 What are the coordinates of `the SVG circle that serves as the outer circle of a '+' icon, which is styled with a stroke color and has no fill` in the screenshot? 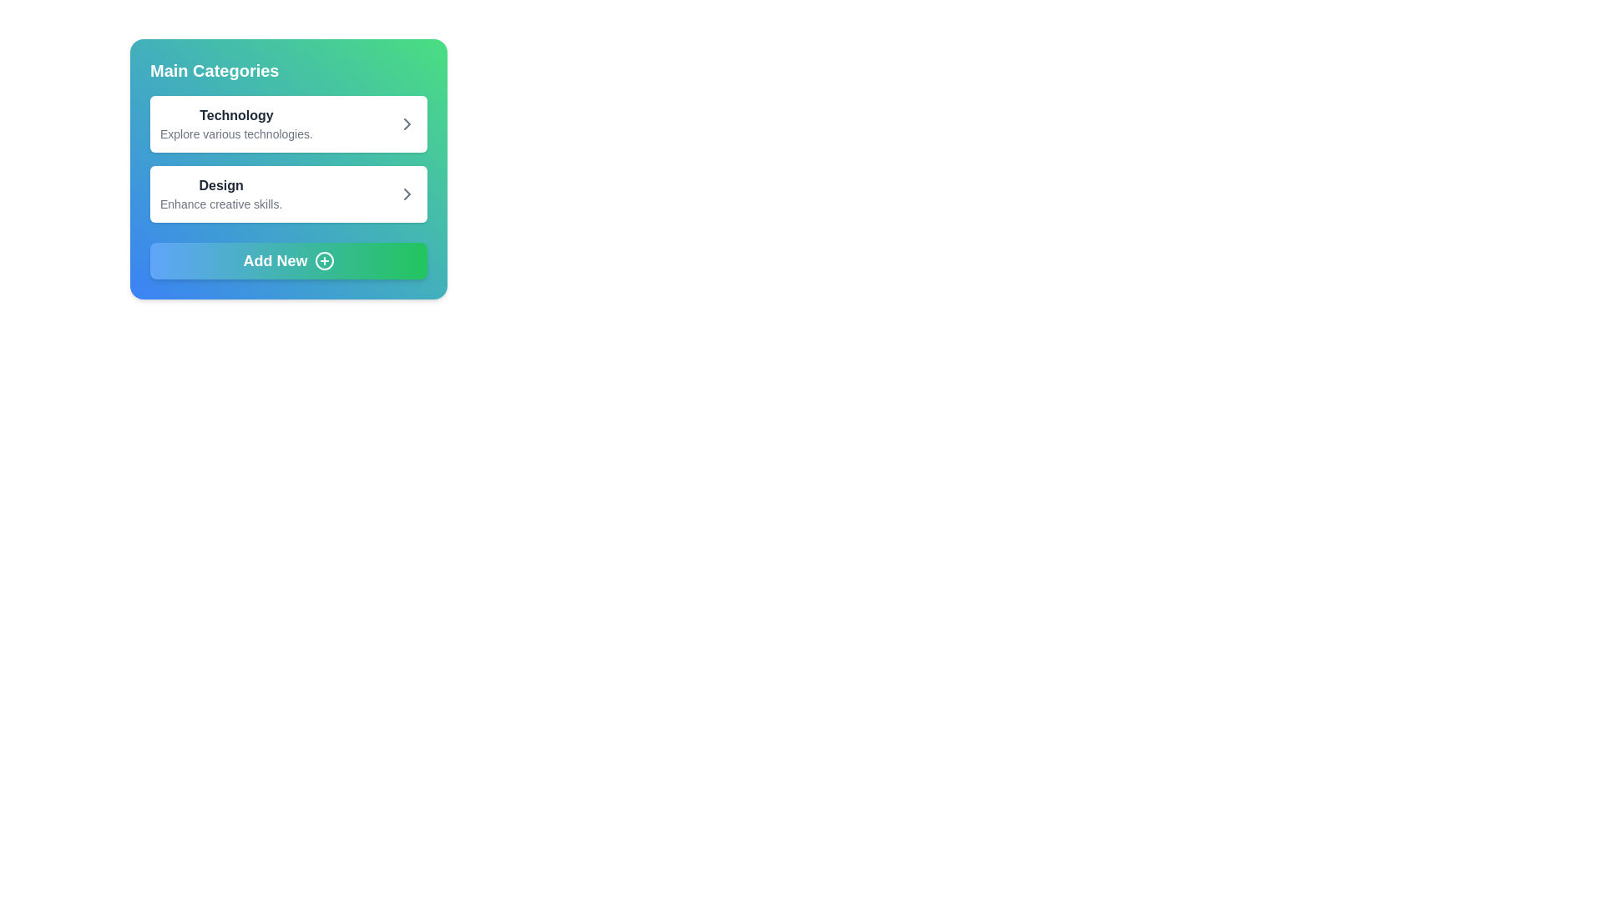 It's located at (324, 260).